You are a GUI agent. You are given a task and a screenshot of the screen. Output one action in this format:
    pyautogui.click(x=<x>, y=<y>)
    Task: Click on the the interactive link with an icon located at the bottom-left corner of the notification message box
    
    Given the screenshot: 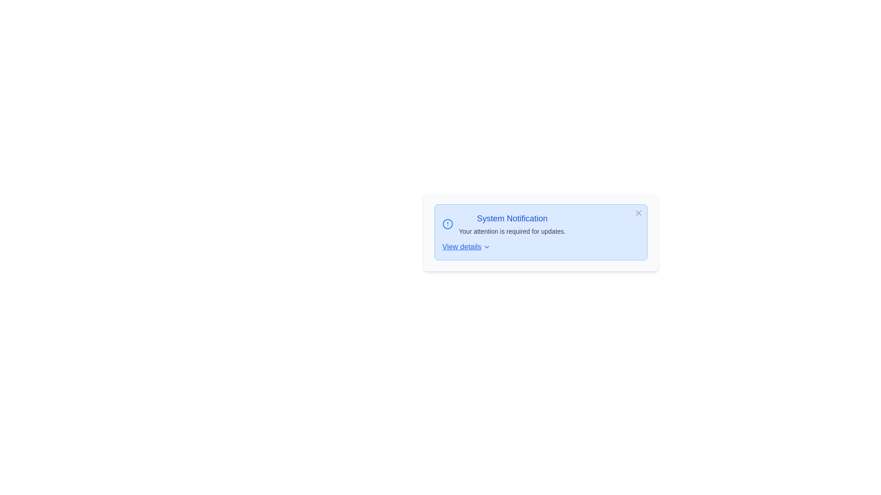 What is the action you would take?
    pyautogui.click(x=466, y=247)
    